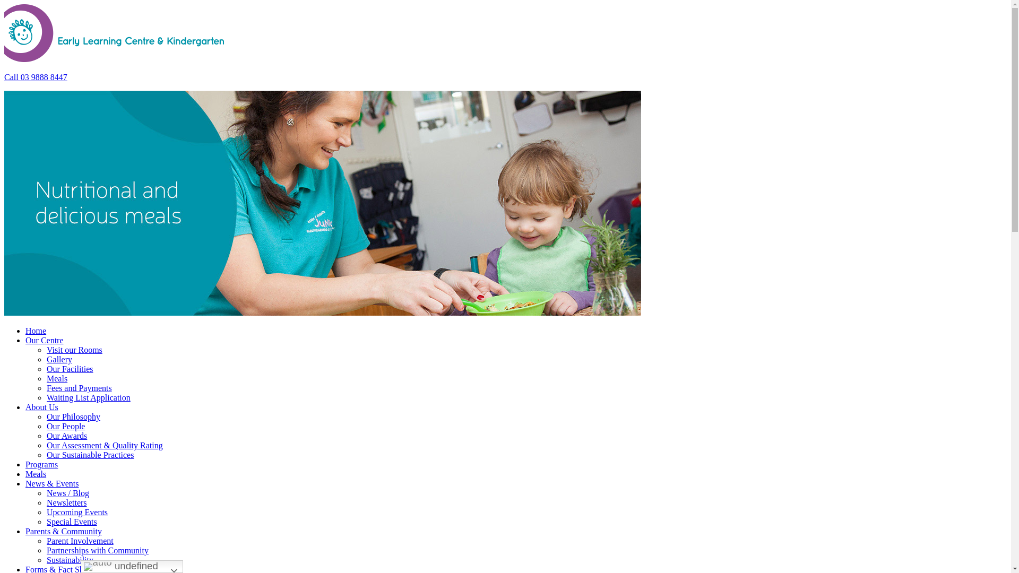 The width and height of the screenshot is (1019, 573). What do you see at coordinates (46, 416) in the screenshot?
I see `'Our Philosophy'` at bounding box center [46, 416].